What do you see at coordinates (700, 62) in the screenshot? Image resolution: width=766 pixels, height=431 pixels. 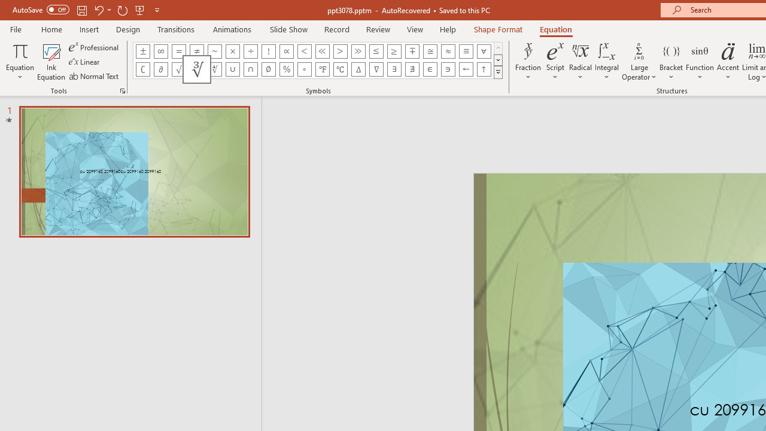 I see `'Function'` at bounding box center [700, 62].